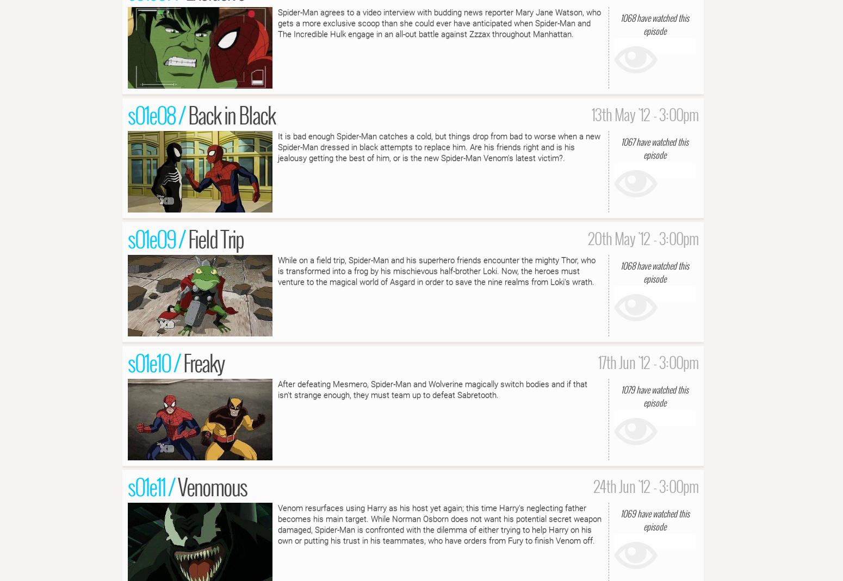 The height and width of the screenshot is (581, 843). Describe the element at coordinates (627, 140) in the screenshot. I see `'1067'` at that location.